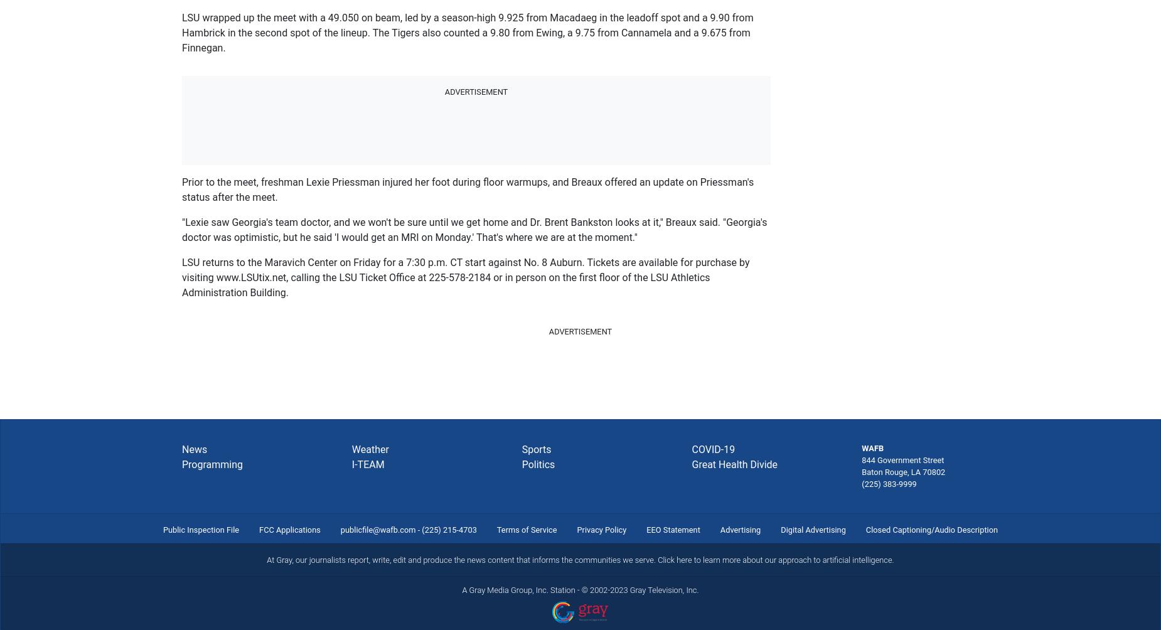  Describe the element at coordinates (522, 448) in the screenshot. I see `'Sports'` at that location.